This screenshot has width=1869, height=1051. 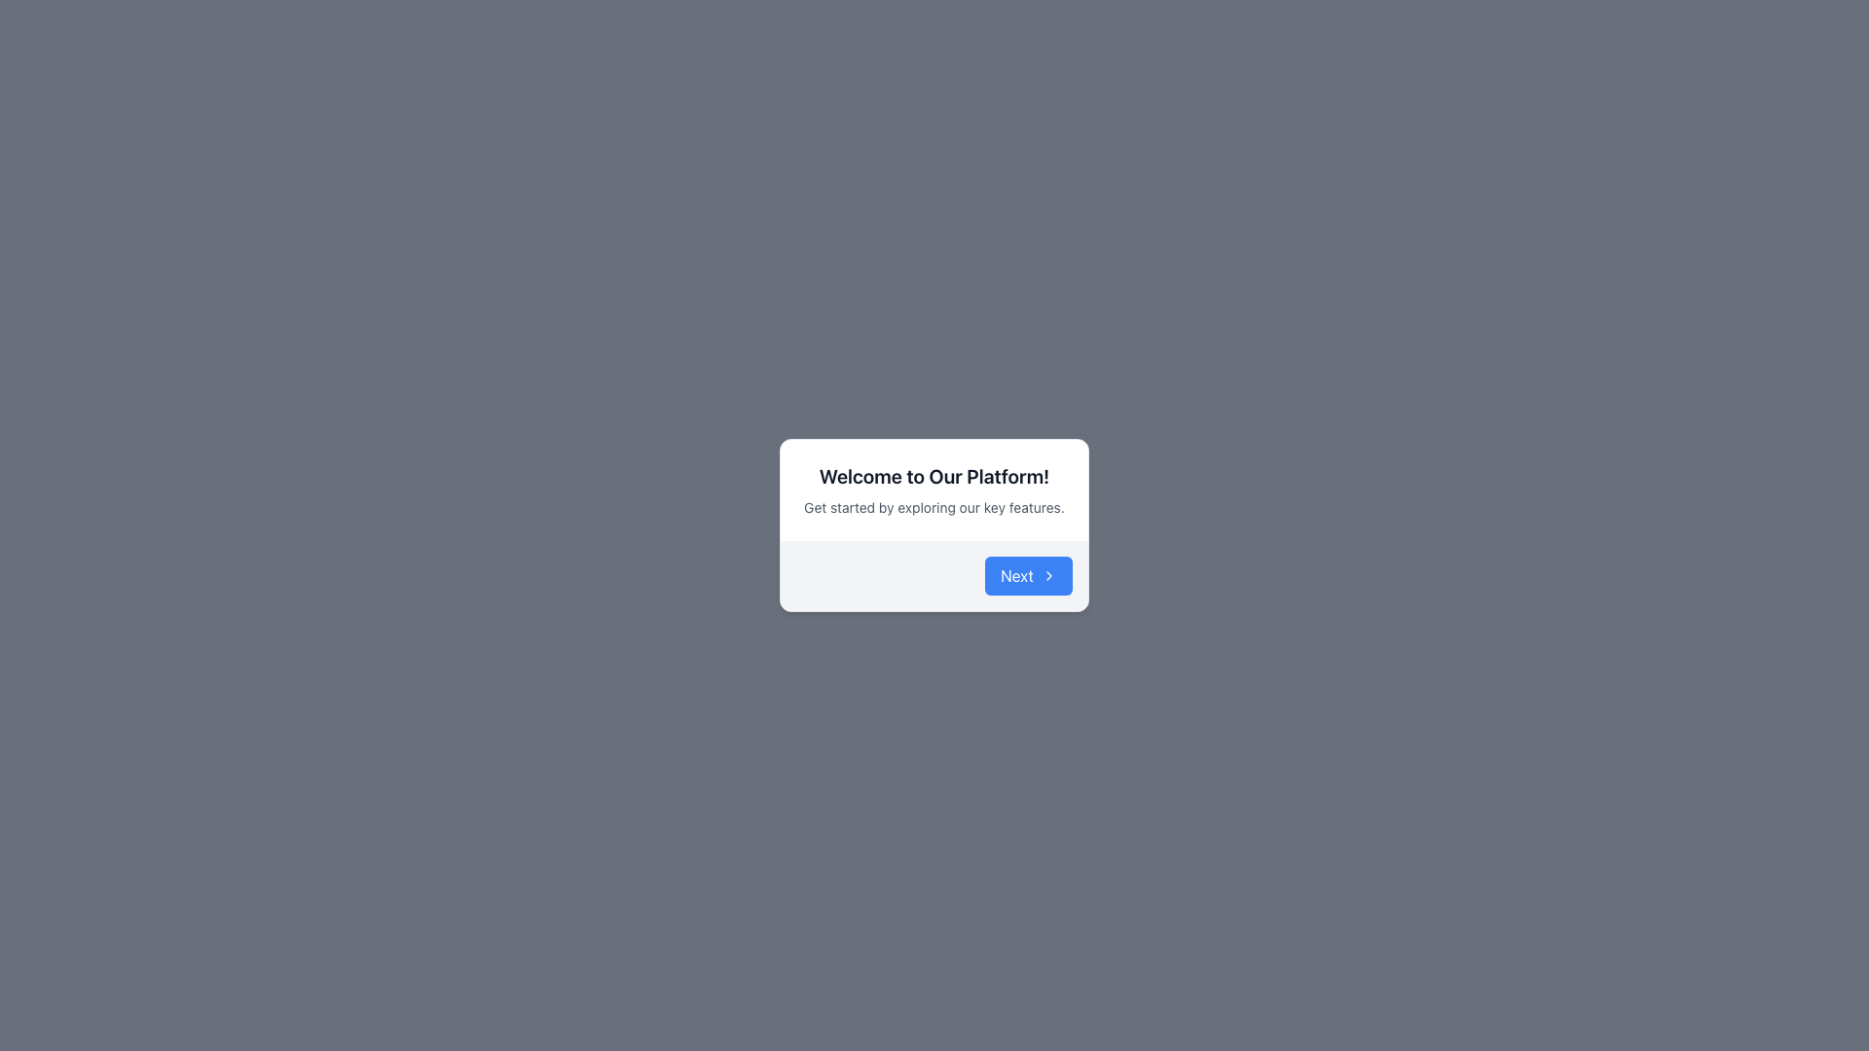 What do you see at coordinates (934, 476) in the screenshot?
I see `the heading text located at the top of the modal dialog box, which introduces the content and is centrally aligned` at bounding box center [934, 476].